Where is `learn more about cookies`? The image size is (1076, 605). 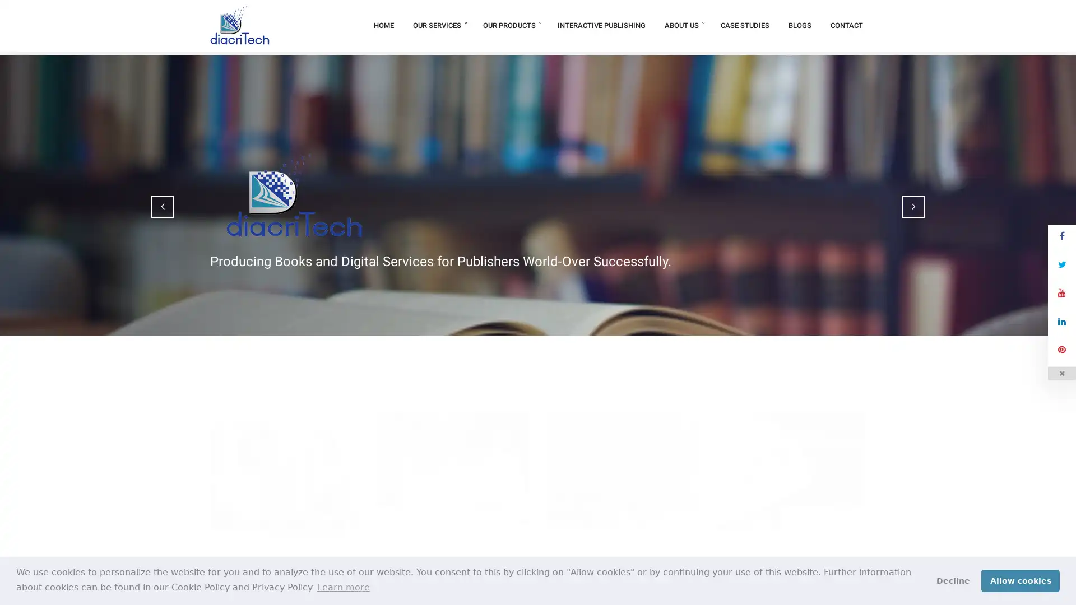
learn more about cookies is located at coordinates (342, 587).